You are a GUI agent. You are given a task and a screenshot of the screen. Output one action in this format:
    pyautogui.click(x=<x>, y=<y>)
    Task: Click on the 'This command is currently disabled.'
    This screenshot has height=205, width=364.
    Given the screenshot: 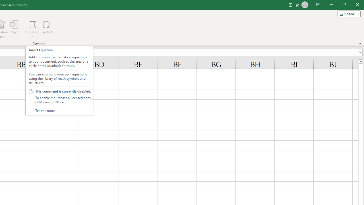 What is the action you would take?
    pyautogui.click(x=63, y=91)
    